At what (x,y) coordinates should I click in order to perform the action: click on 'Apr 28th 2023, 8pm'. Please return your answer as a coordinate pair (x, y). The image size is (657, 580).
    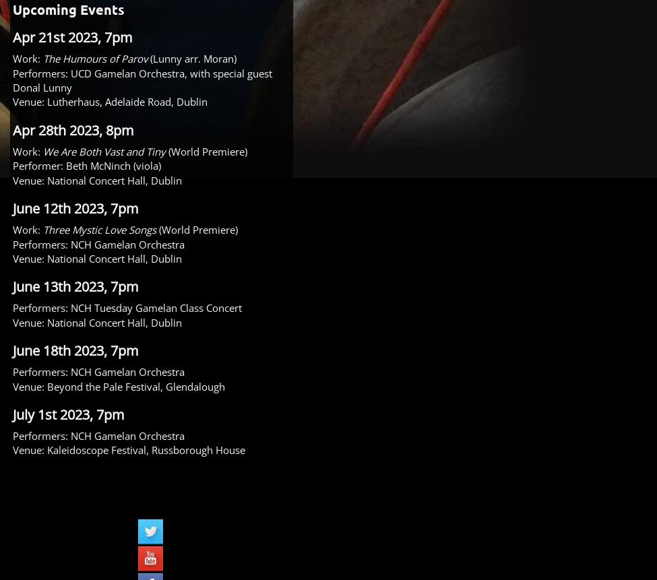
    Looking at the image, I should click on (73, 129).